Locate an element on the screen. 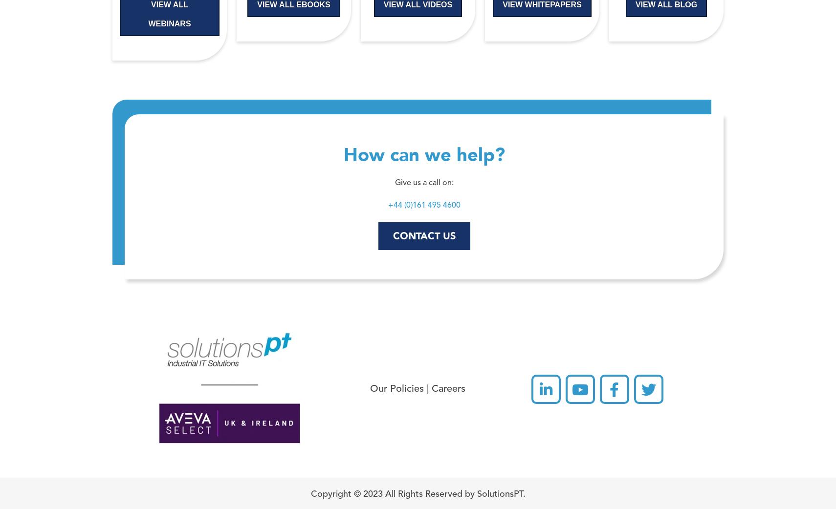 This screenshot has width=836, height=509. 'View all Ebooks' is located at coordinates (293, 3).